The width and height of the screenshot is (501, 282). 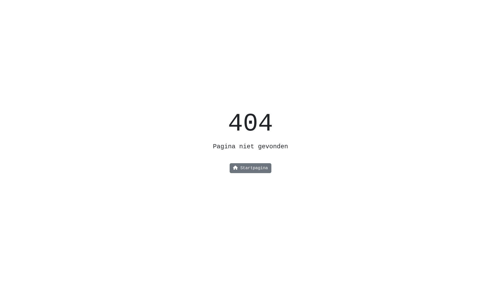 What do you see at coordinates (250, 168) in the screenshot?
I see `'Startpagina'` at bounding box center [250, 168].